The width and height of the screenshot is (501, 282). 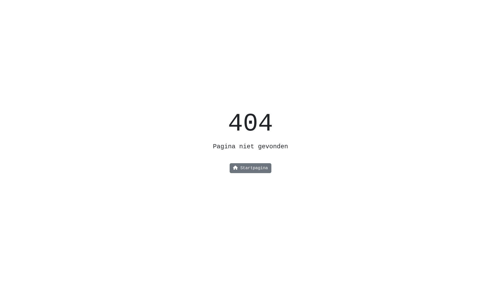 What do you see at coordinates (250, 168) in the screenshot?
I see `'Startpagina'` at bounding box center [250, 168].